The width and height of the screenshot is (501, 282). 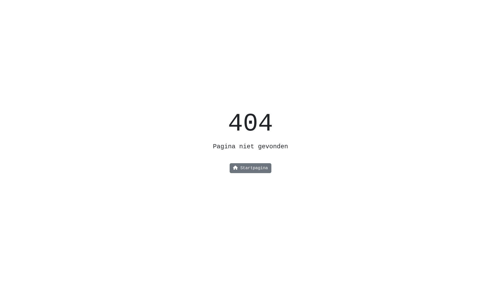 What do you see at coordinates (250, 168) in the screenshot?
I see `'Startpagina'` at bounding box center [250, 168].